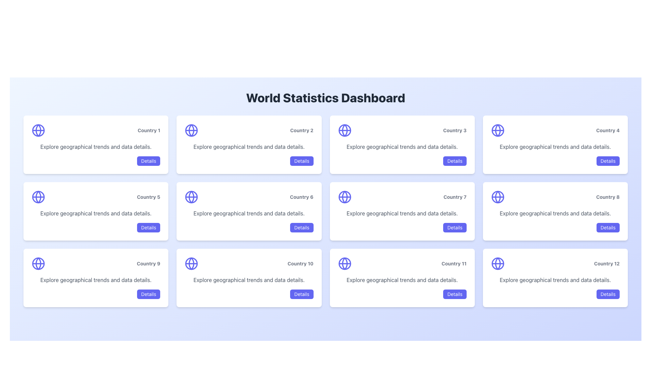 This screenshot has height=367, width=653. What do you see at coordinates (191, 263) in the screenshot?
I see `the circular globe icon on the left side of the 'Country 10' section in the UI` at bounding box center [191, 263].